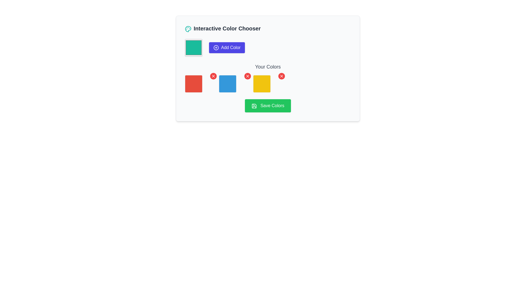  I want to click on the circular icon with a plus symbol located within the 'Add Color' button, which is prominently displayed in the top row of interactive elements, so click(216, 47).